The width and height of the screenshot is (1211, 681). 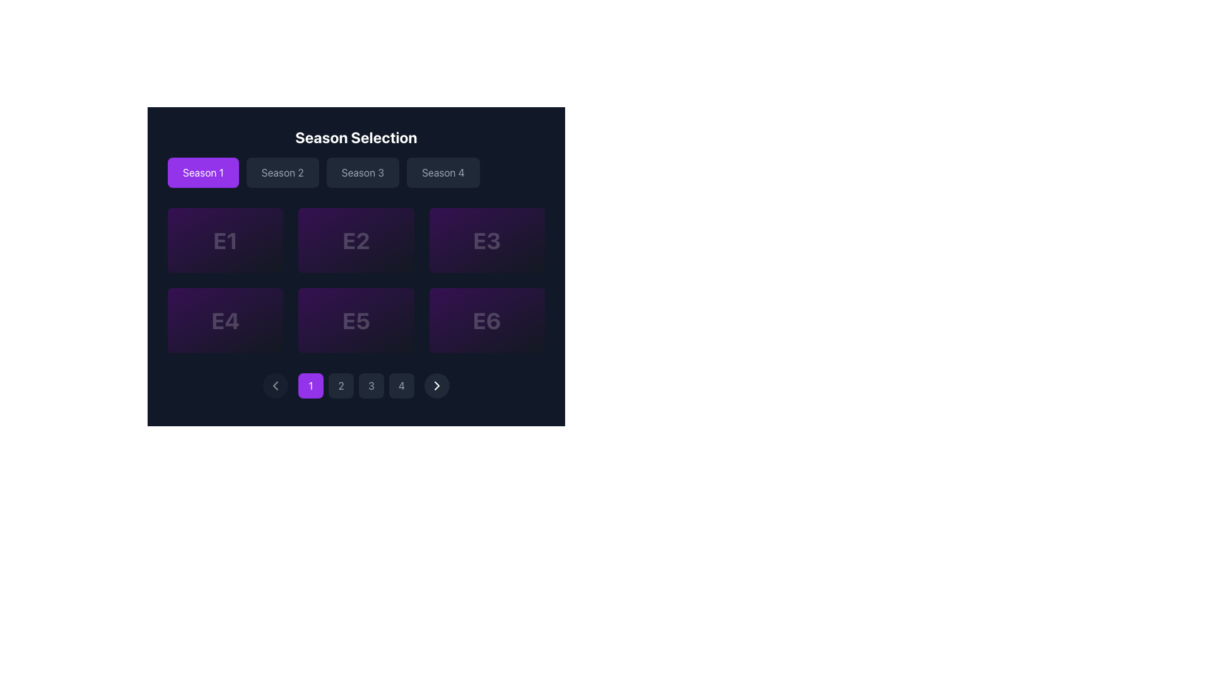 What do you see at coordinates (486, 320) in the screenshot?
I see `the Text Display element representing an episode selection option in the Season Selection section, located in the third row and third column of the grid layout` at bounding box center [486, 320].